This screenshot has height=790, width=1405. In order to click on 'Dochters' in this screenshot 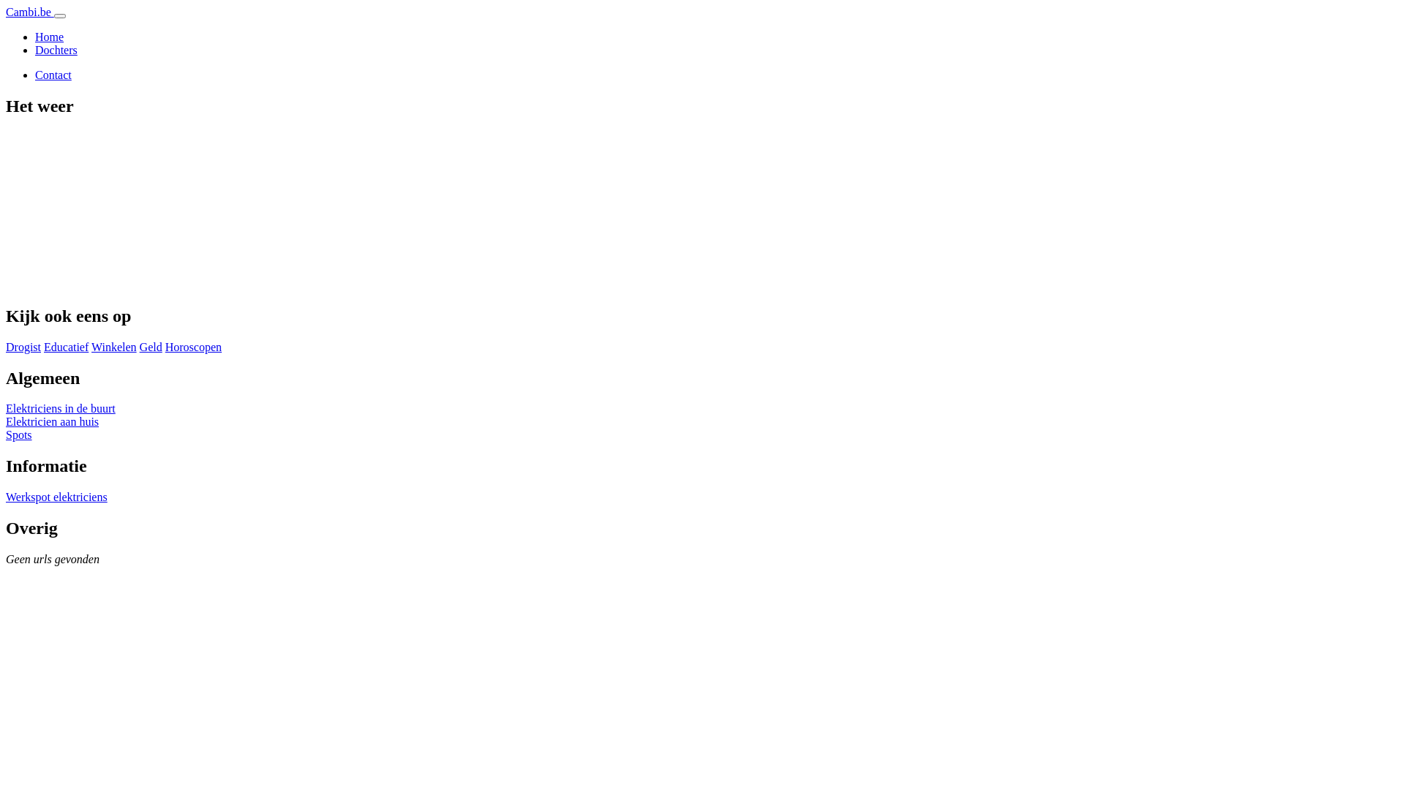, I will do `click(56, 49)`.